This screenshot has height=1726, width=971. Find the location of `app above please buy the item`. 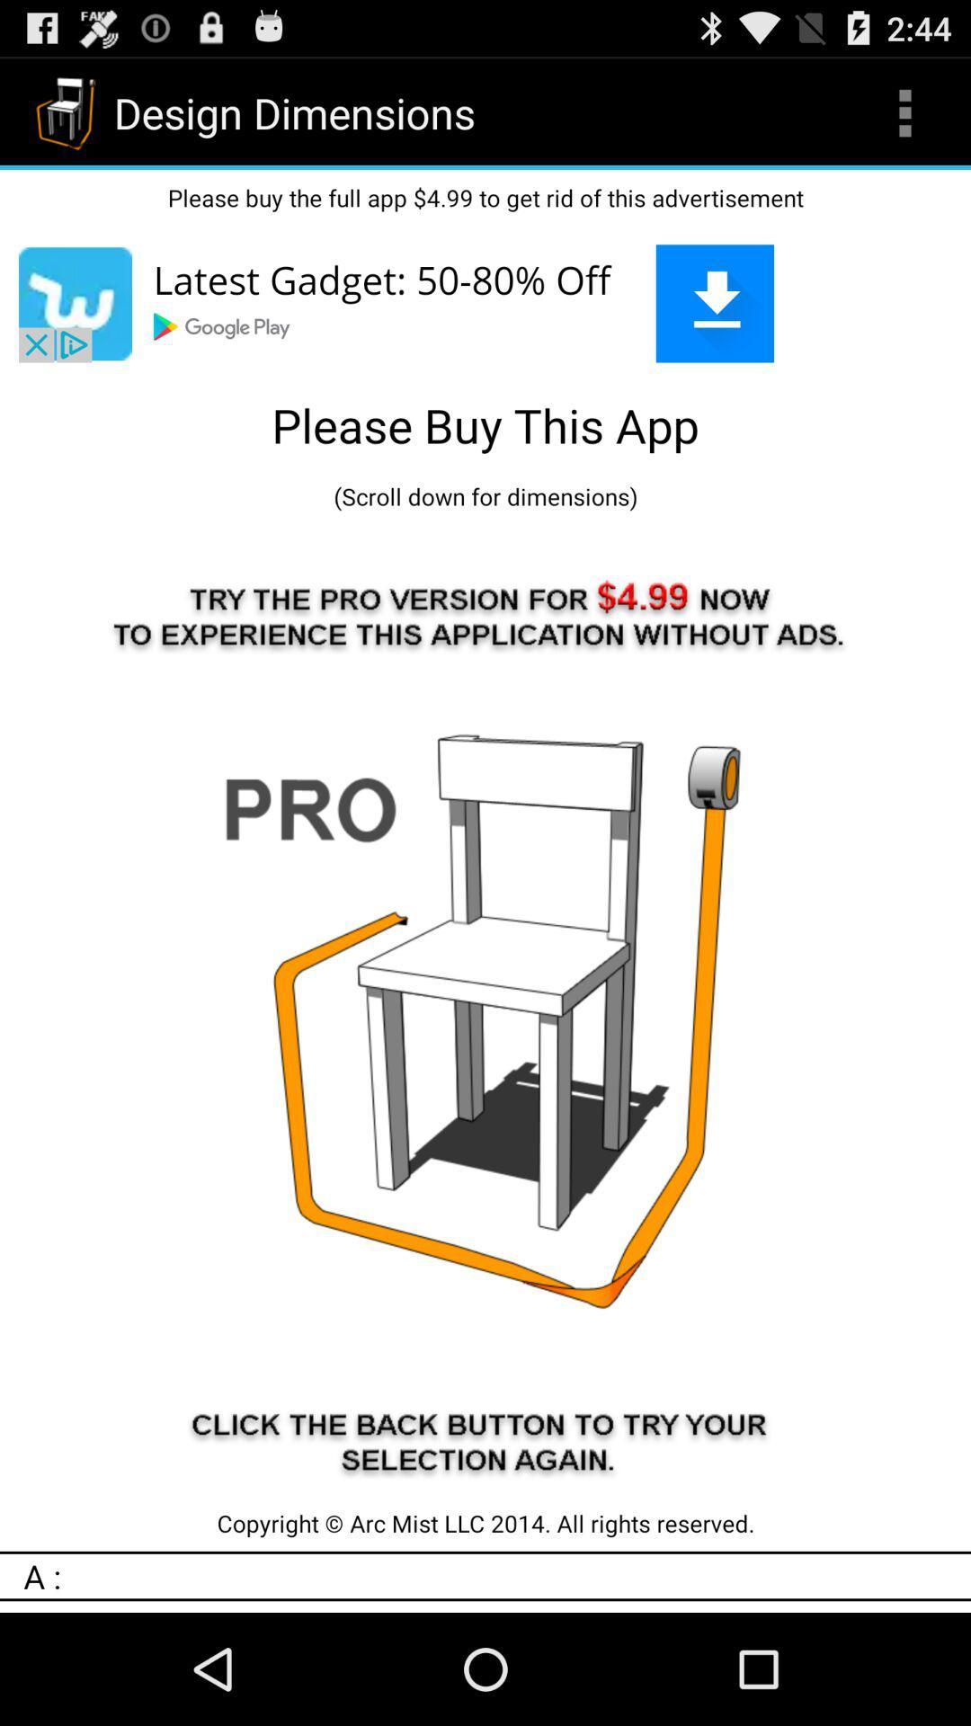

app above please buy the item is located at coordinates (904, 111).